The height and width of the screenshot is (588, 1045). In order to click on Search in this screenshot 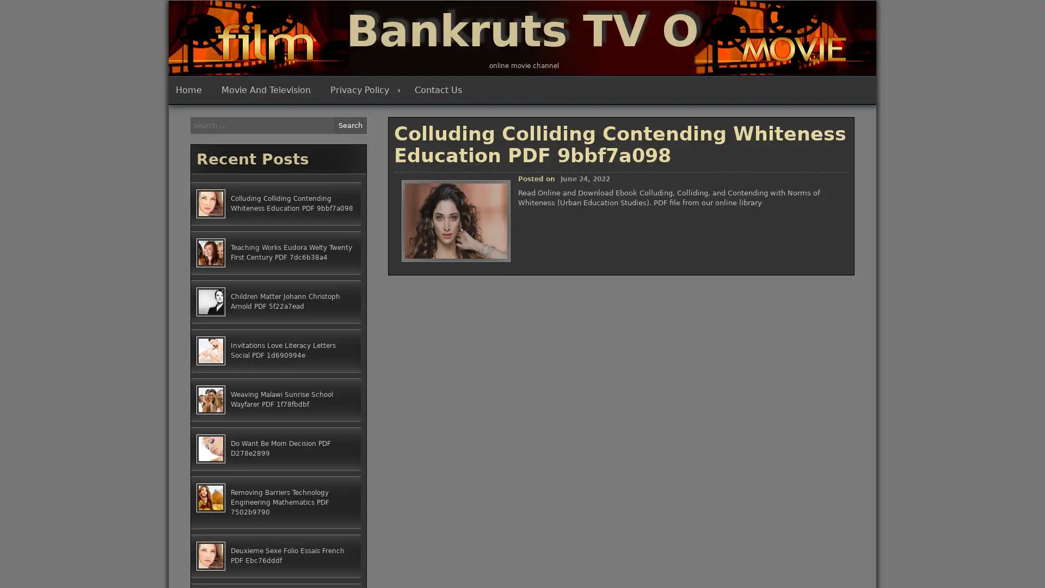, I will do `click(350, 125)`.